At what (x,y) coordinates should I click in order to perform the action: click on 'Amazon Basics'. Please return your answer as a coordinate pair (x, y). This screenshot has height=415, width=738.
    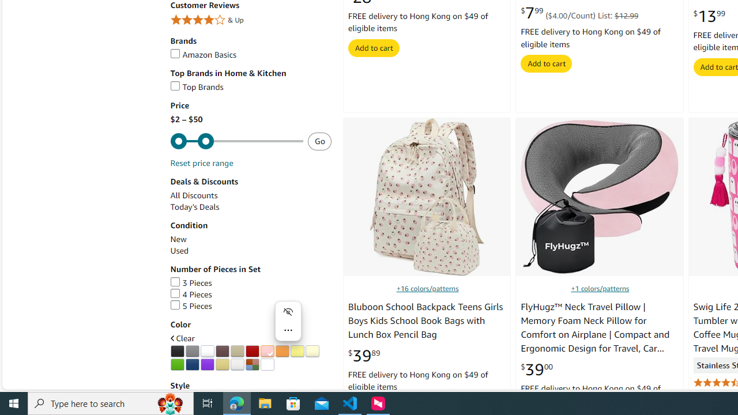
    Looking at the image, I should click on (203, 55).